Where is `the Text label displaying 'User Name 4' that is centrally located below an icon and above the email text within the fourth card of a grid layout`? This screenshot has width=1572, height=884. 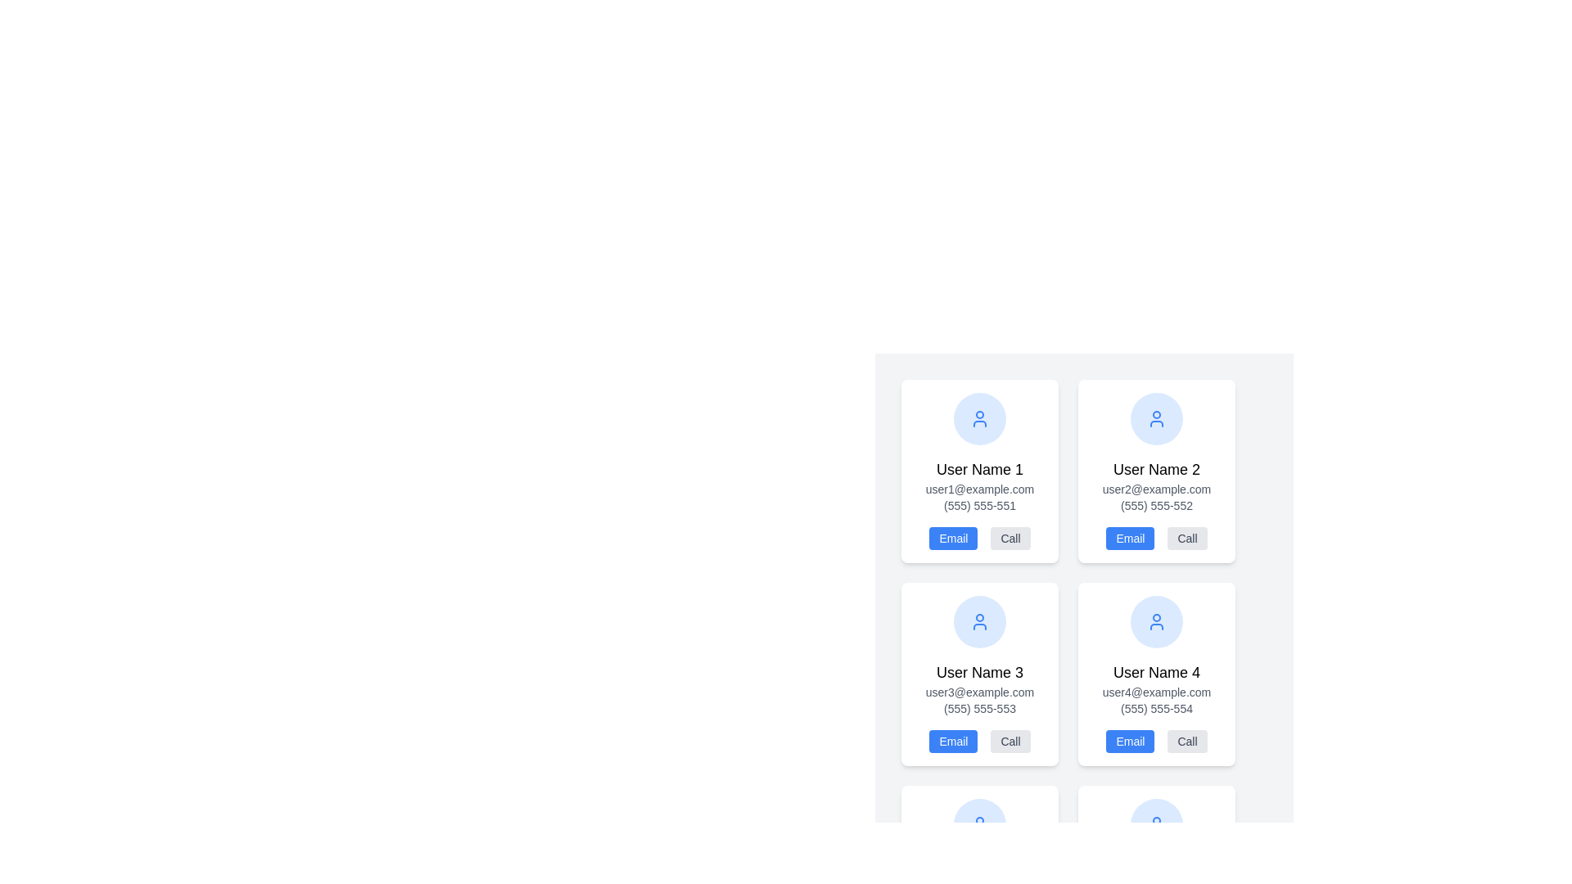
the Text label displaying 'User Name 4' that is centrally located below an icon and above the email text within the fourth card of a grid layout is located at coordinates (1155, 672).